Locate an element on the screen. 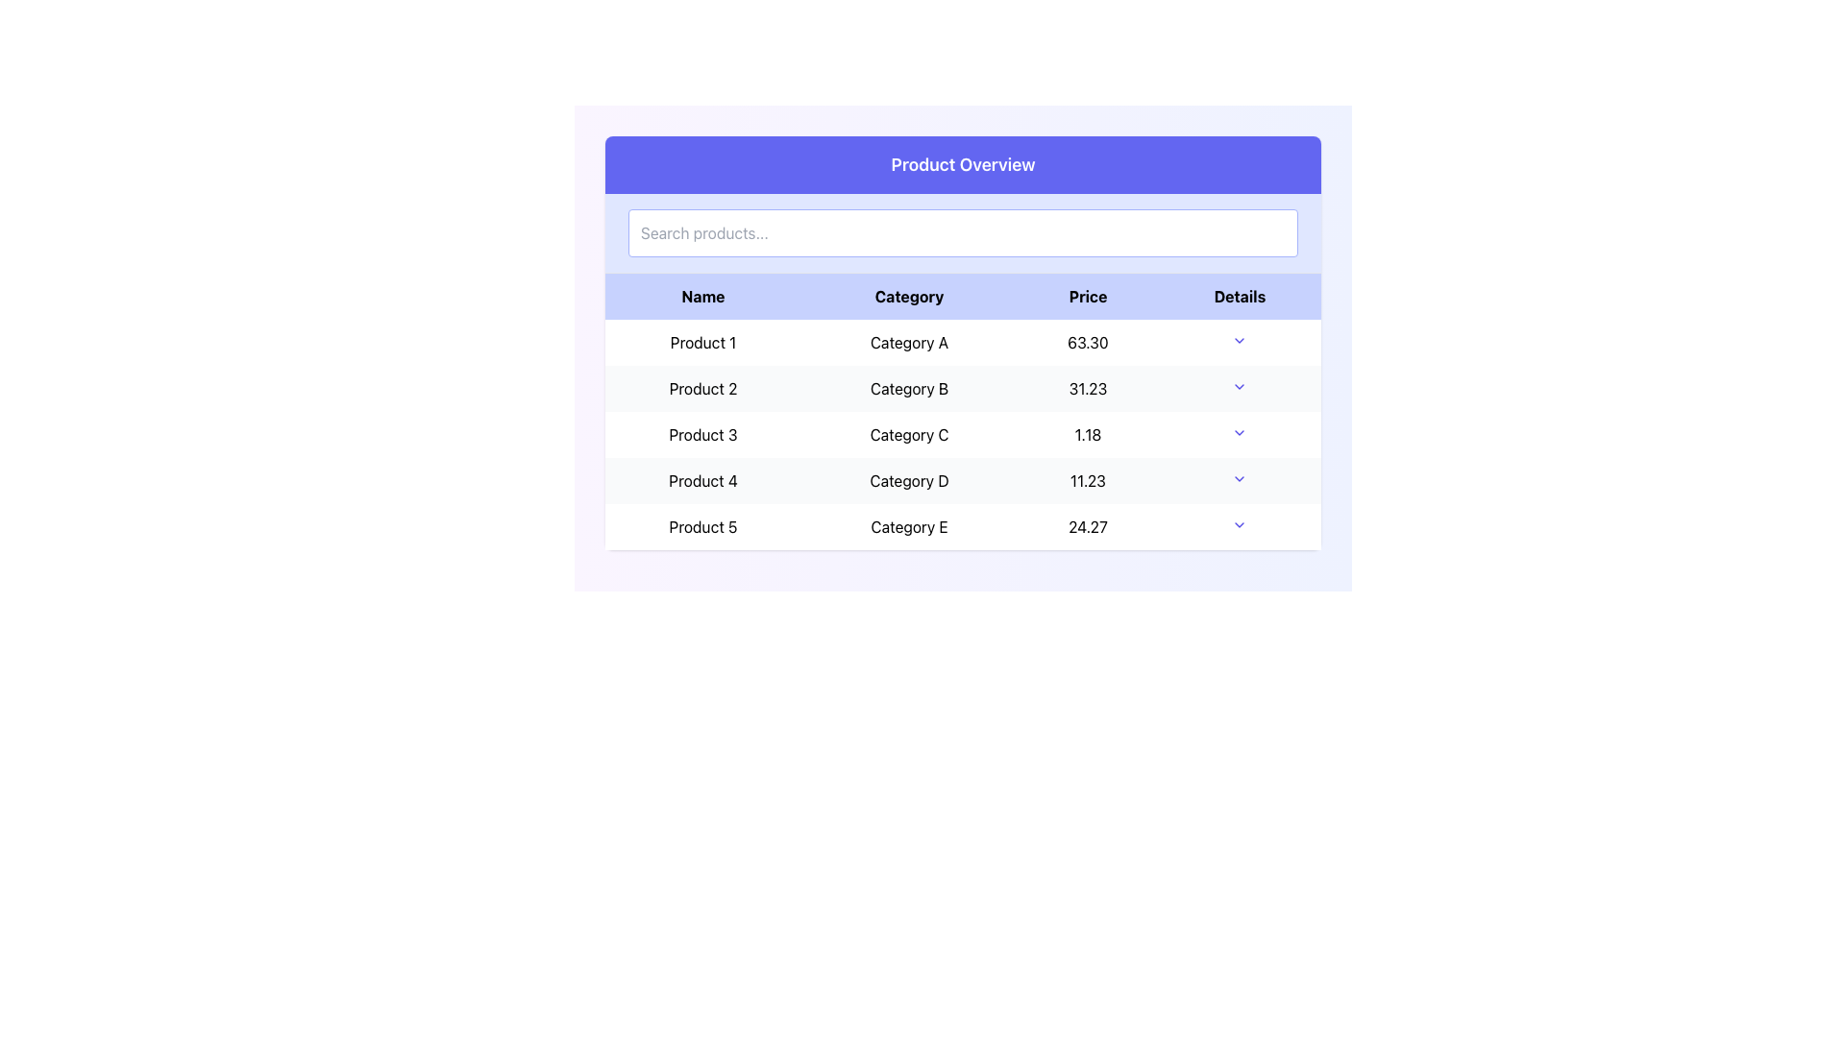 This screenshot has width=1845, height=1037. the downward-pointing chevron icon in the 'Details' column of the second row for 'Product 2' is located at coordinates (1240, 386).